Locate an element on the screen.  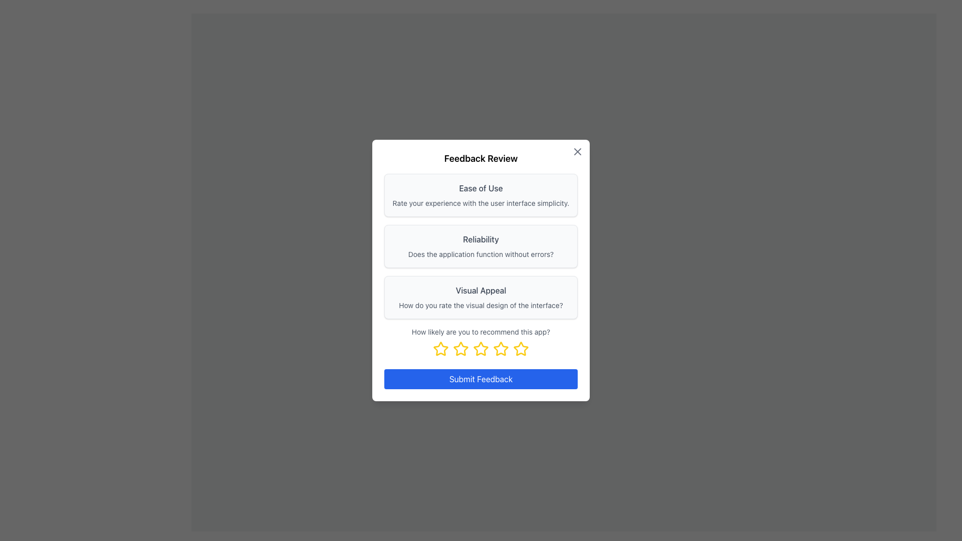
the Text label that serves as a title for the section evaluating the user's perception of the visual appeal of the interface, located in the modal dialog box labeled 'Feedback Review' is located at coordinates (481, 290).